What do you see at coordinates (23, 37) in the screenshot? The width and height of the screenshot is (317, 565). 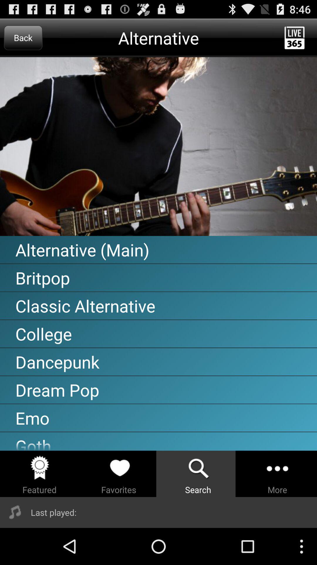 I see `the icon to the left of alternative` at bounding box center [23, 37].